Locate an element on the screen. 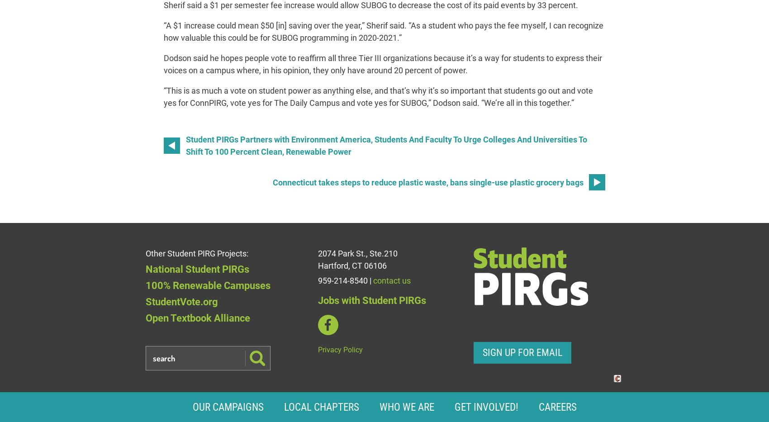  '“This is as much a vote on student power as anything else, and that’s why it’s so important that students go out and vote yes for ConnPIRG, vote yes for The Daily Campus and vote yes for SUBOG,” Dodson said. “We’re all in this together.”' is located at coordinates (378, 96).